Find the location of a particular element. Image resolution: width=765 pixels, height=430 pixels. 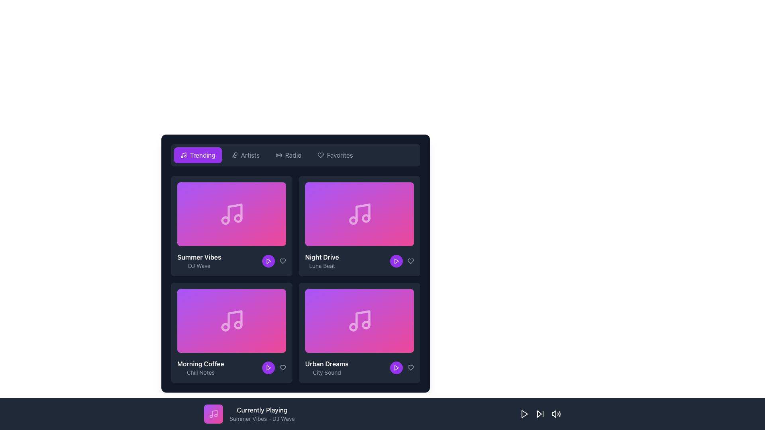

the 'Favorites' icon, which is located to the left of the 'Favorites' text in the top horizontal row of options is located at coordinates (320, 155).